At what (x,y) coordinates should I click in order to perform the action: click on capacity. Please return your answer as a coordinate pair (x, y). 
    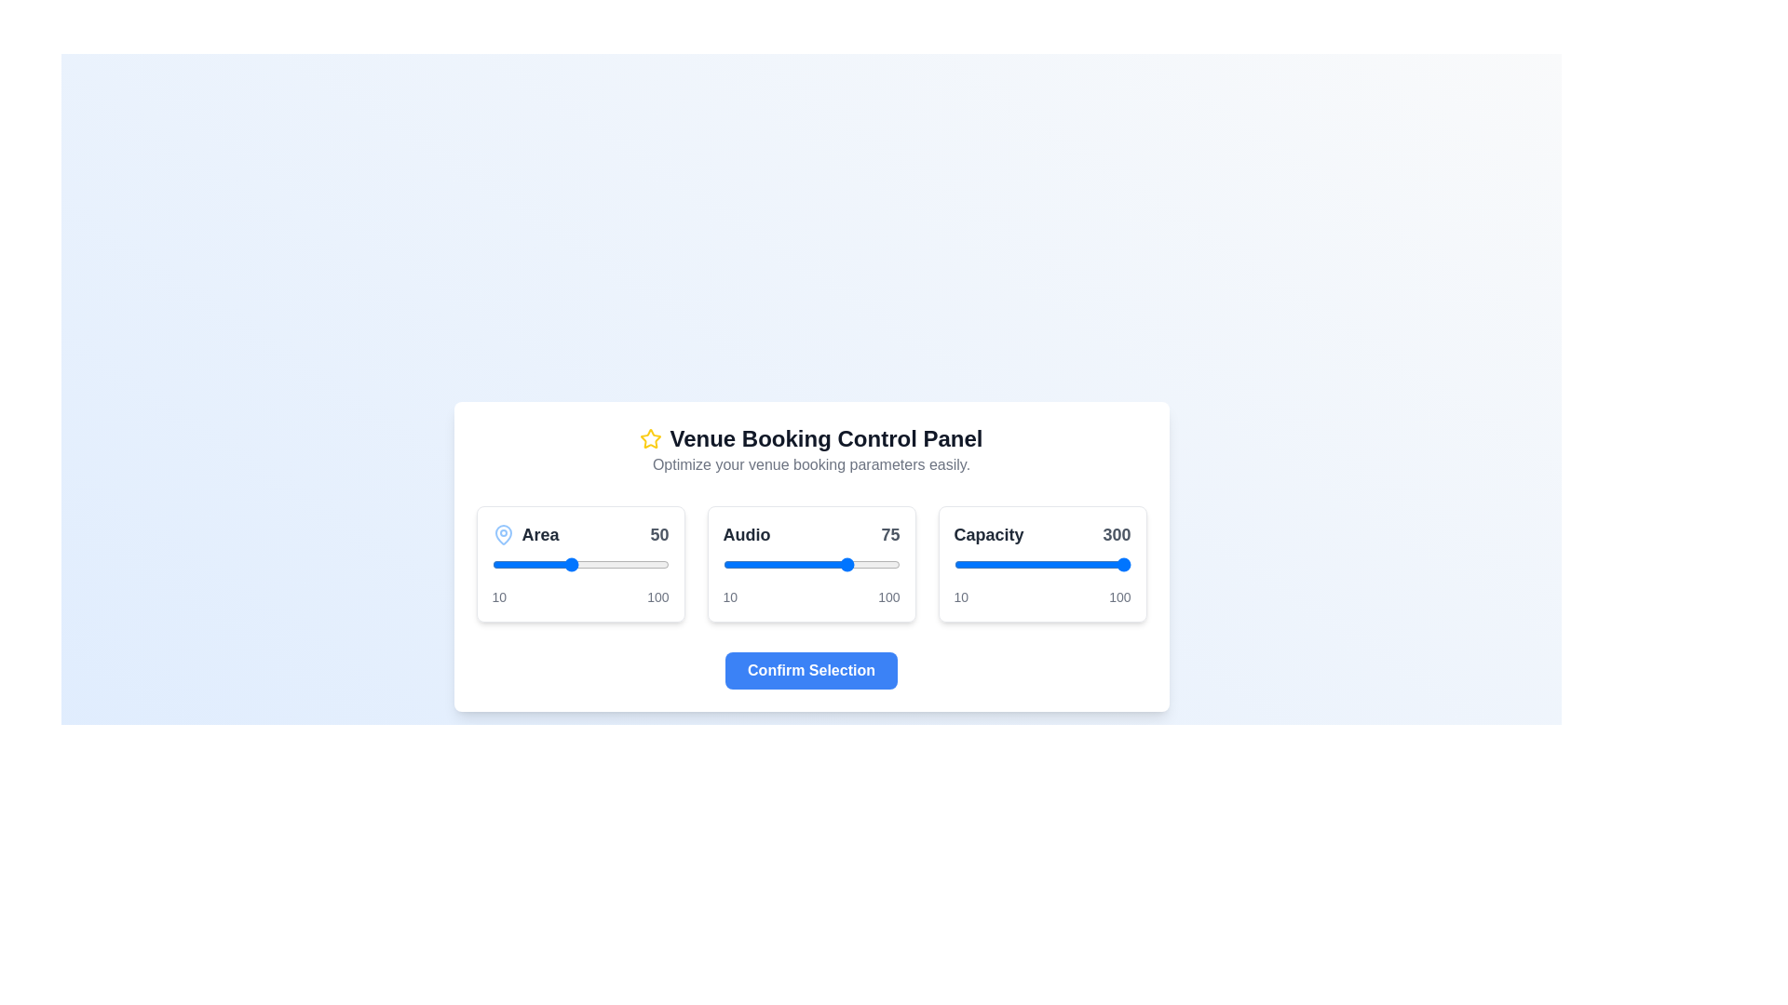
    Looking at the image, I should click on (972, 563).